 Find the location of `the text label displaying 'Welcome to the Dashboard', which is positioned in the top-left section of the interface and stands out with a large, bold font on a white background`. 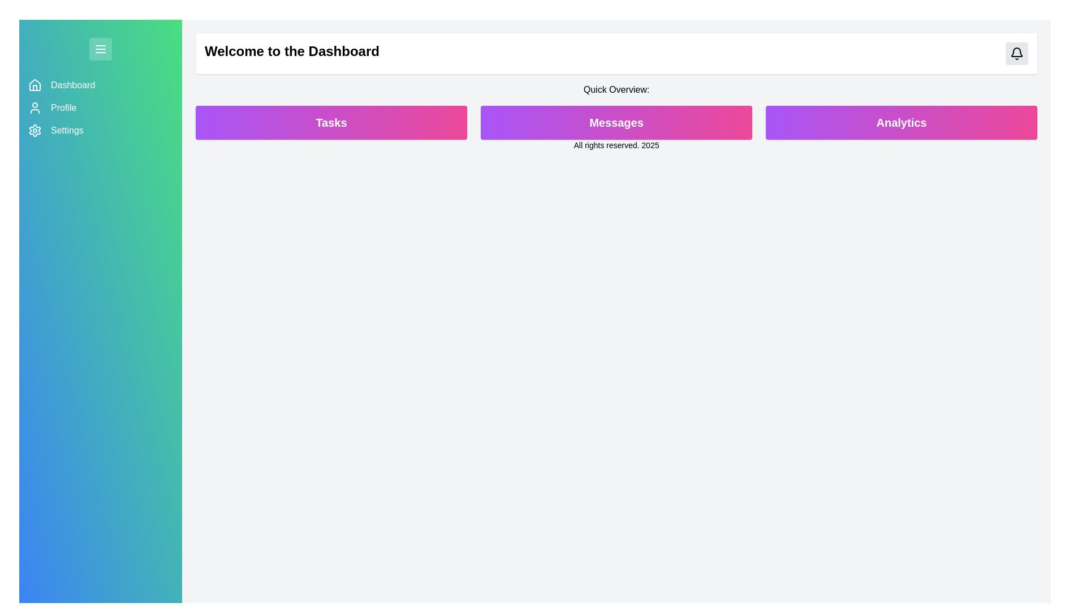

the text label displaying 'Welcome to the Dashboard', which is positioned in the top-left section of the interface and stands out with a large, bold font on a white background is located at coordinates (292, 54).